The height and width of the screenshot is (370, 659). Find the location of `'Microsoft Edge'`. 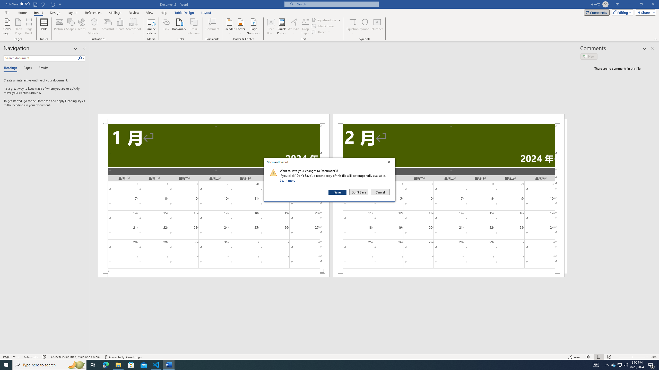

'Microsoft Edge' is located at coordinates (105, 364).